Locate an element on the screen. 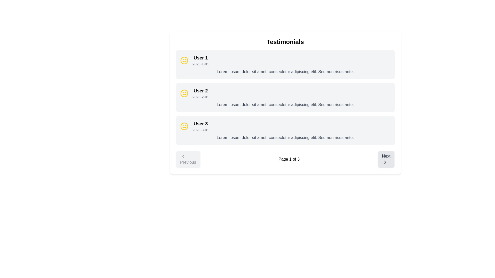 This screenshot has width=495, height=278. displayed text 'Page 1 of 3' from the central text indicator in the pagination control bar located at the bottom of the testimonials section is located at coordinates (285, 159).